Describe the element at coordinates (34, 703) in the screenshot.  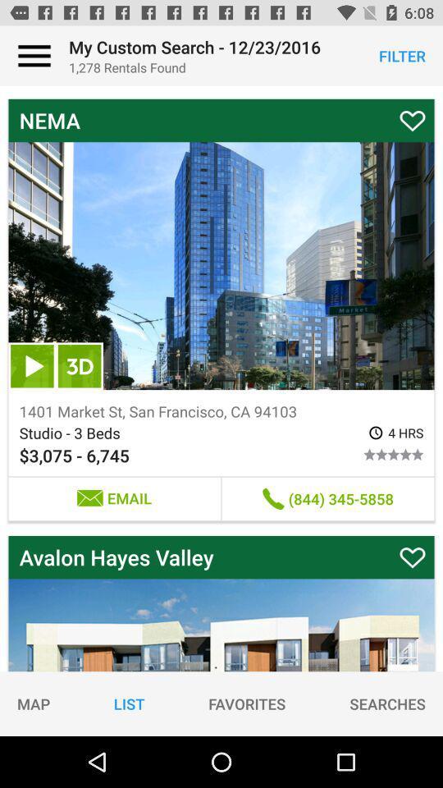
I see `the item to the left of the list item` at that location.